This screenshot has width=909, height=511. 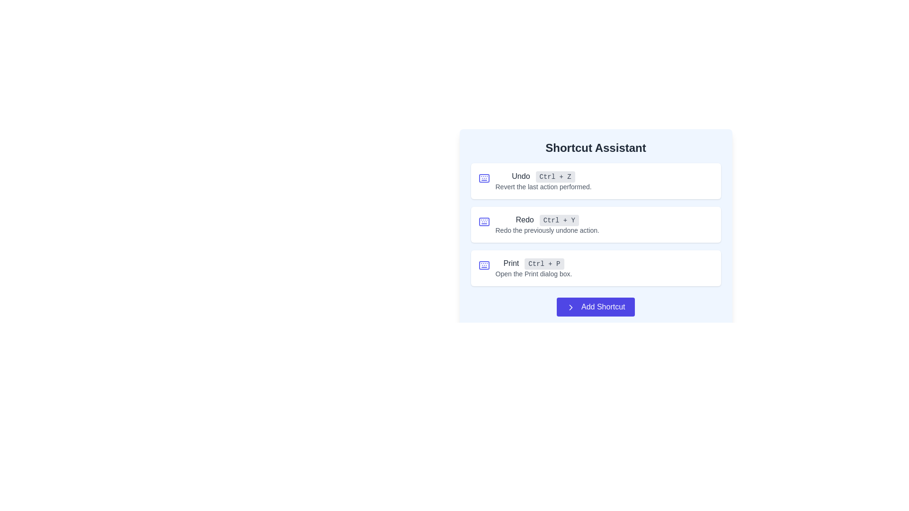 I want to click on the Decorative SVG element, which is a thin rectangular frame with rounded corners, located centrally within the keyboard symbol icon next to the 'Undo Ctrl + Z' shortcut entry, so click(x=484, y=265).